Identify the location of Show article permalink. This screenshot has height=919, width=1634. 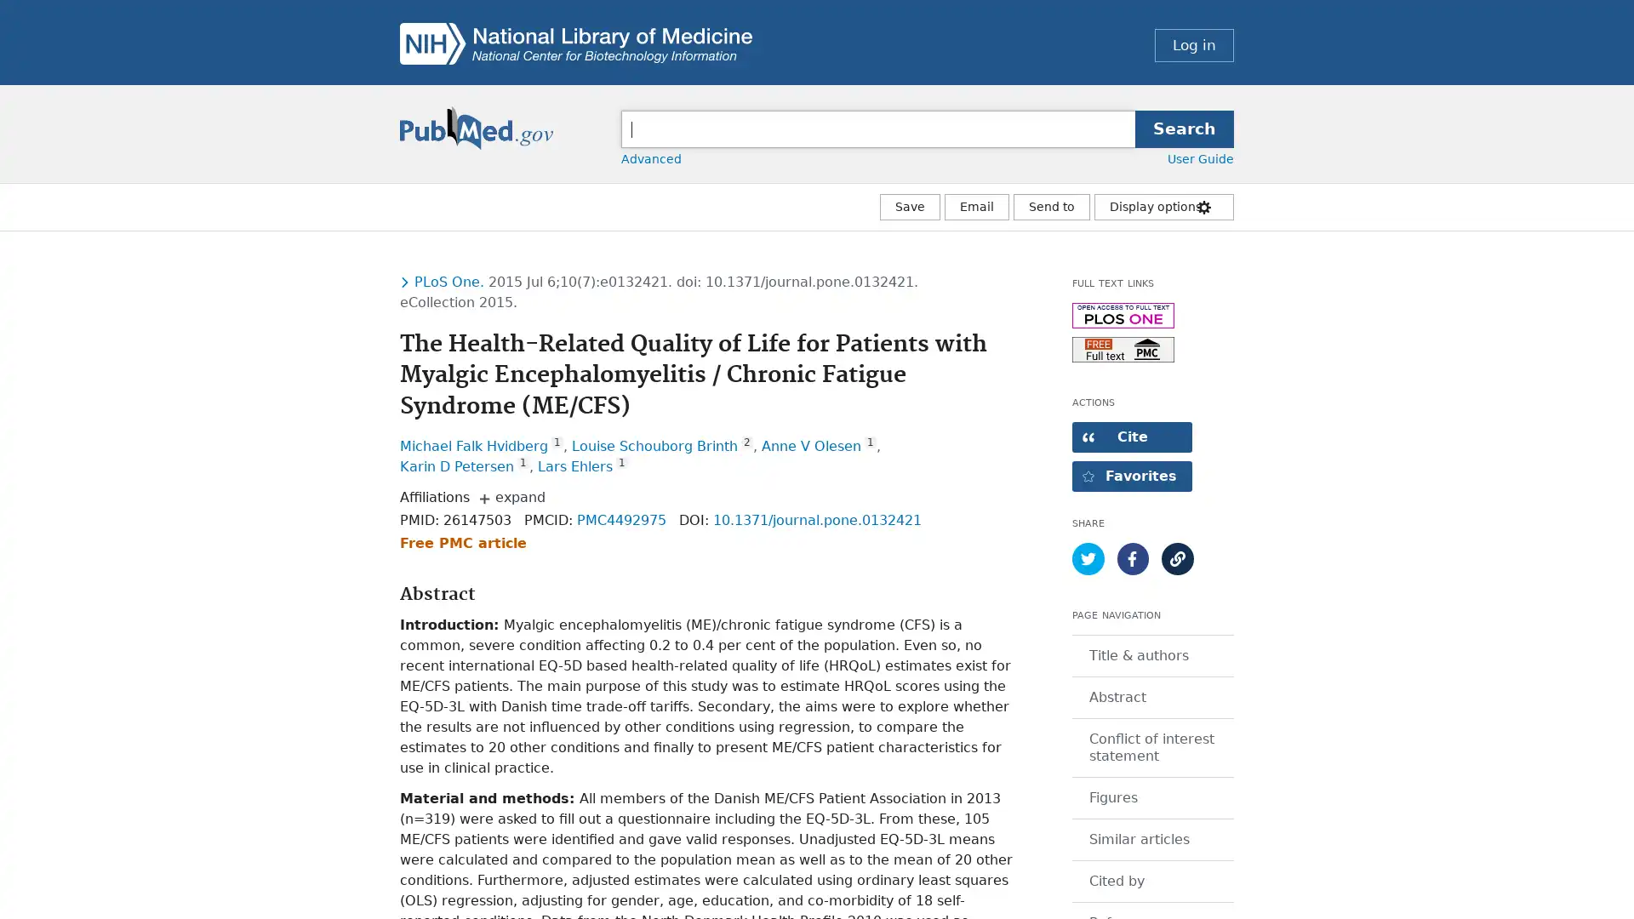
(1176, 558).